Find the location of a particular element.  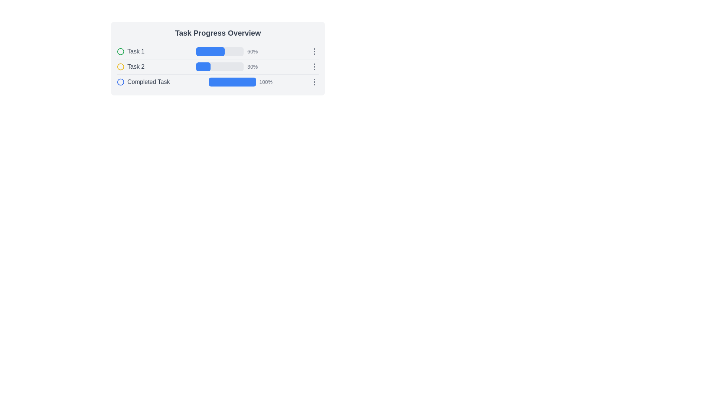

the progress bar indicating 30% completion for 'Task 2' in the 'Task Progress Overview' list is located at coordinates (219, 67).